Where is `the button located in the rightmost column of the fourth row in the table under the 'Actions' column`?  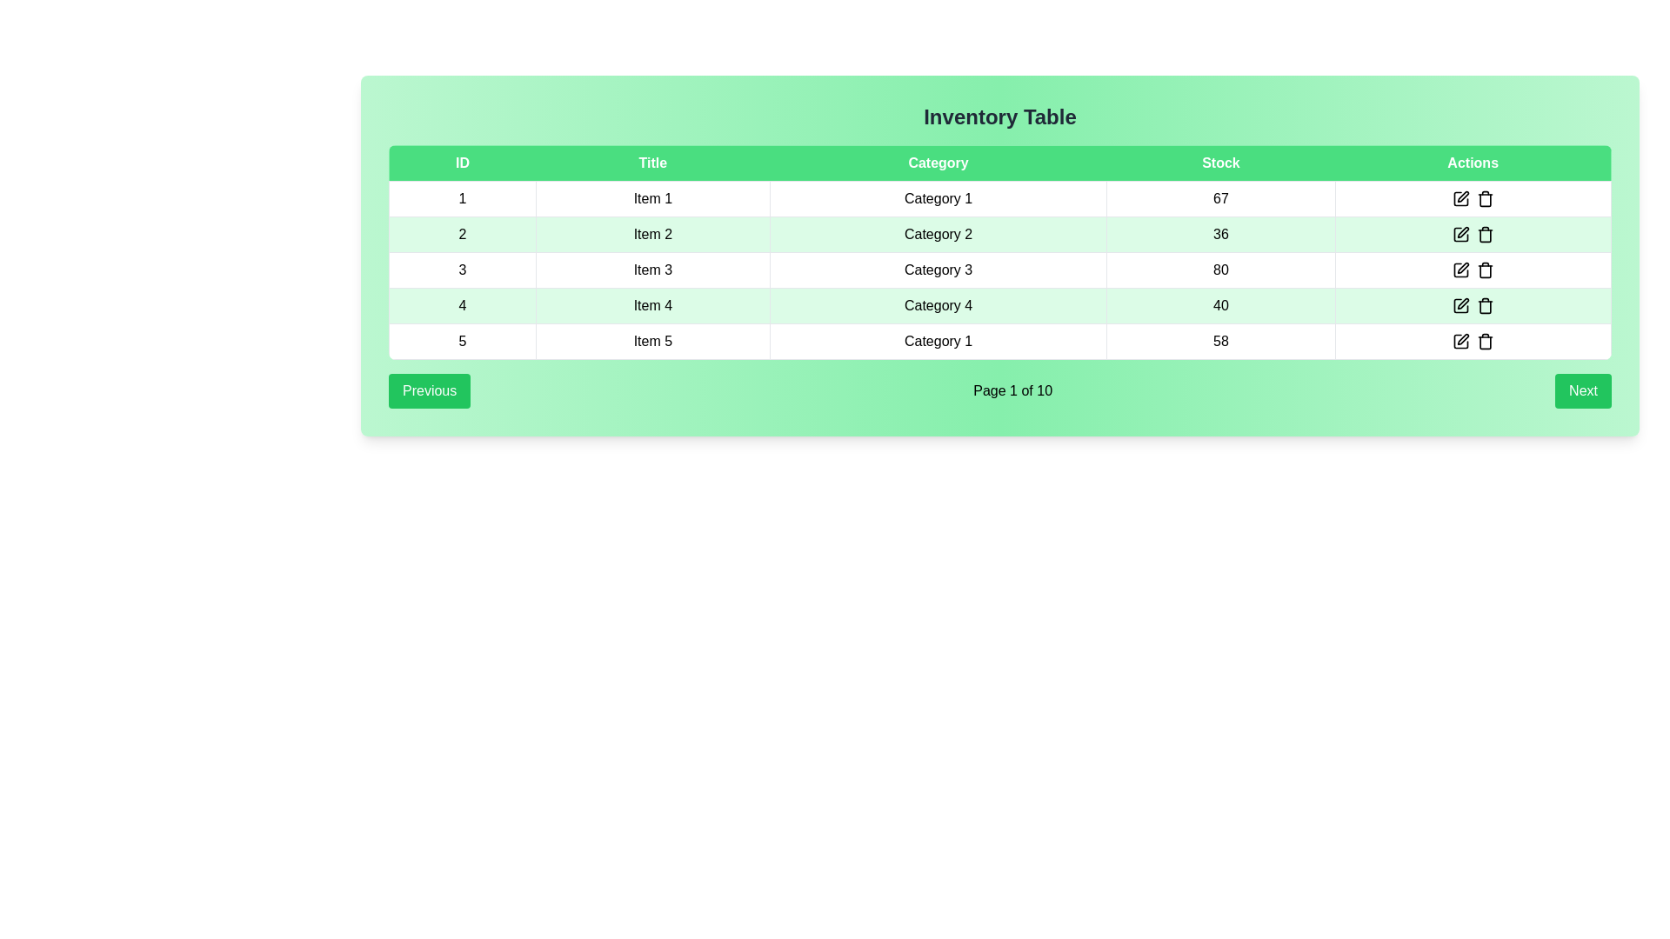 the button located in the rightmost column of the fourth row in the table under the 'Actions' column is located at coordinates (1473, 304).